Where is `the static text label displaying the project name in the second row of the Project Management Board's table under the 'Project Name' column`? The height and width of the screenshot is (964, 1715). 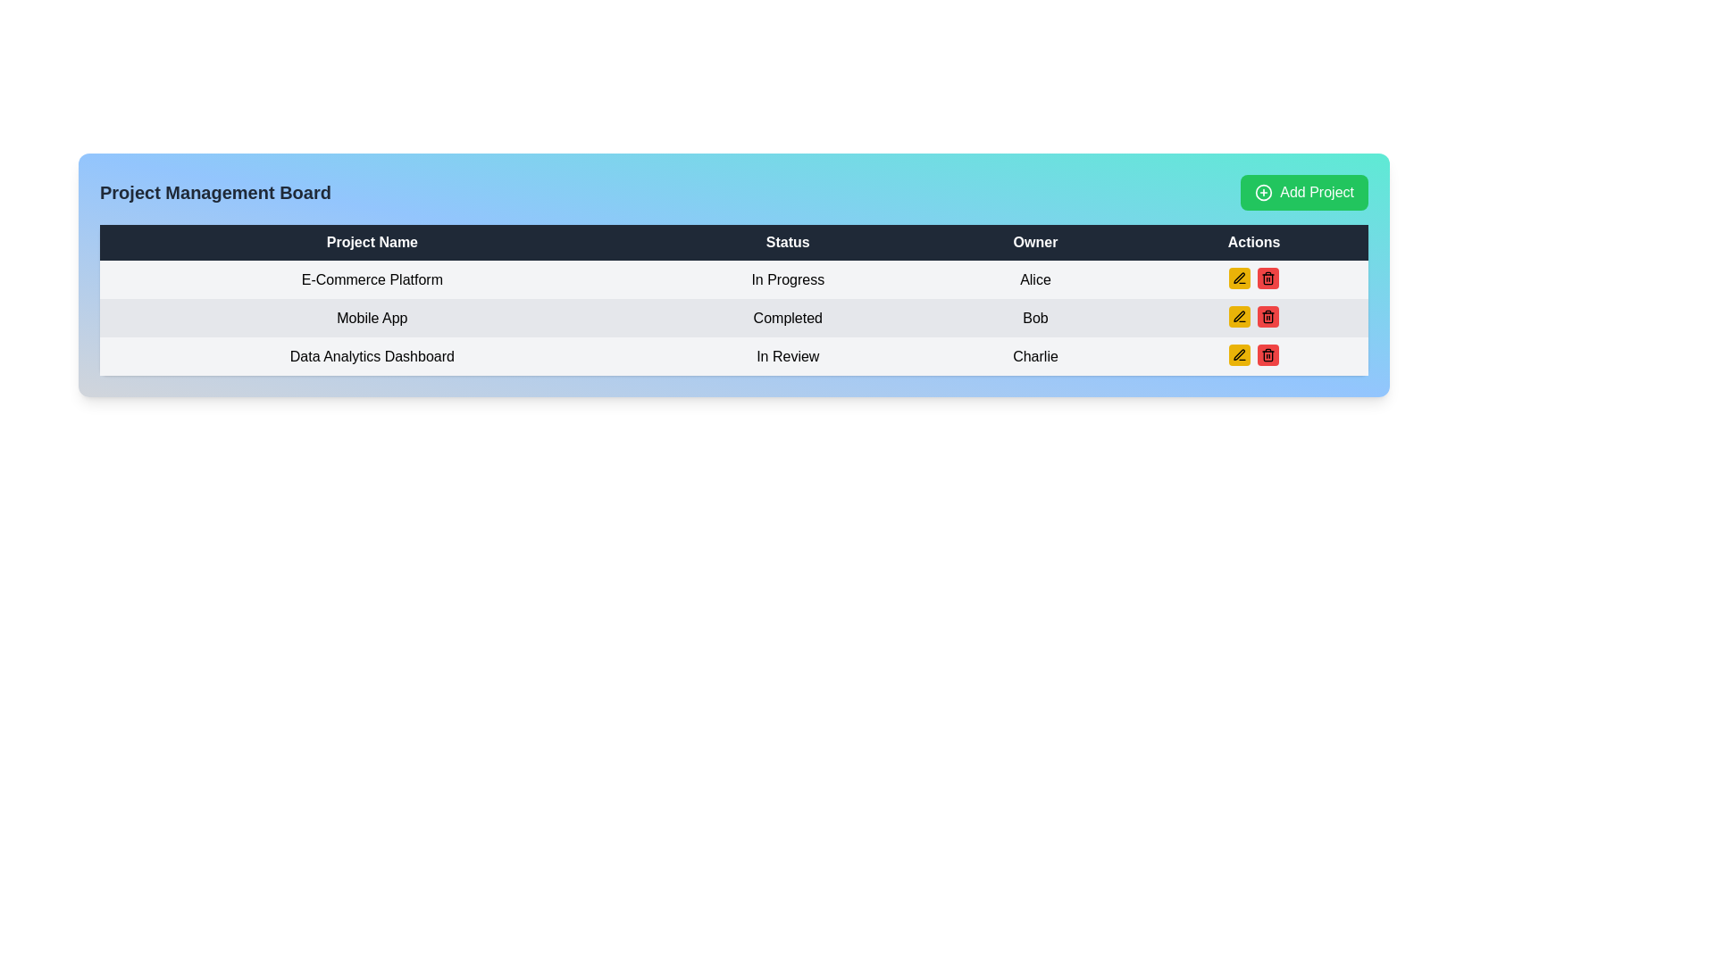
the static text label displaying the project name in the second row of the Project Management Board's table under the 'Project Name' column is located at coordinates (371, 317).